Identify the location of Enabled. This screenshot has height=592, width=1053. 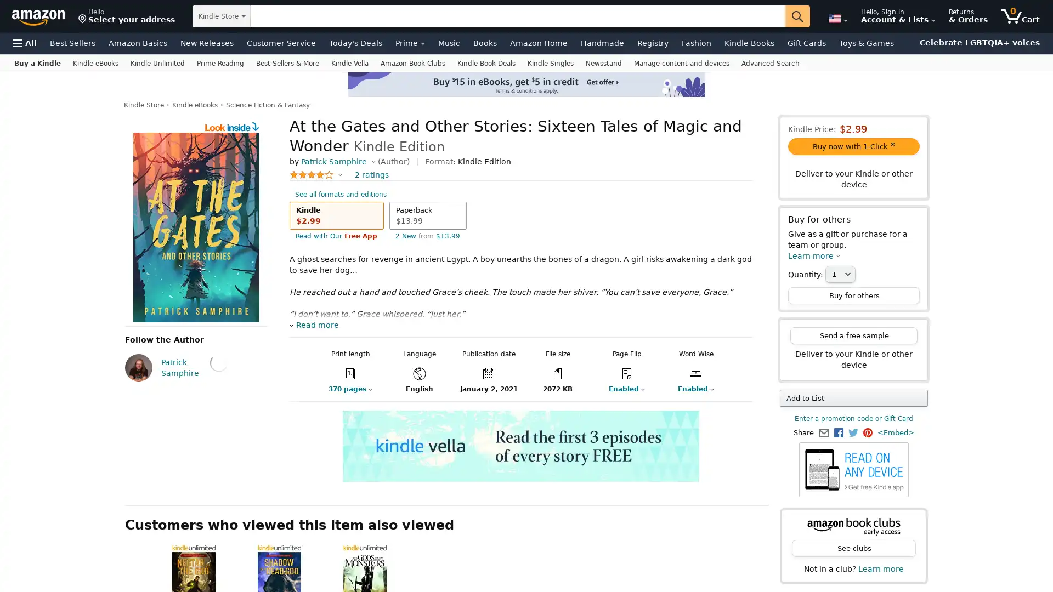
(620, 388).